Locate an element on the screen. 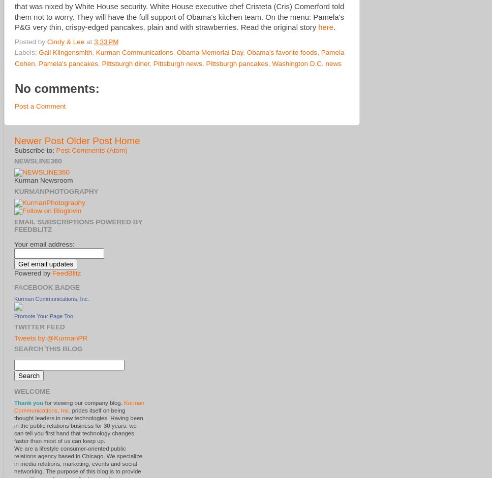 This screenshot has height=478, width=492. 'Gail Klingensmith' is located at coordinates (65, 52).